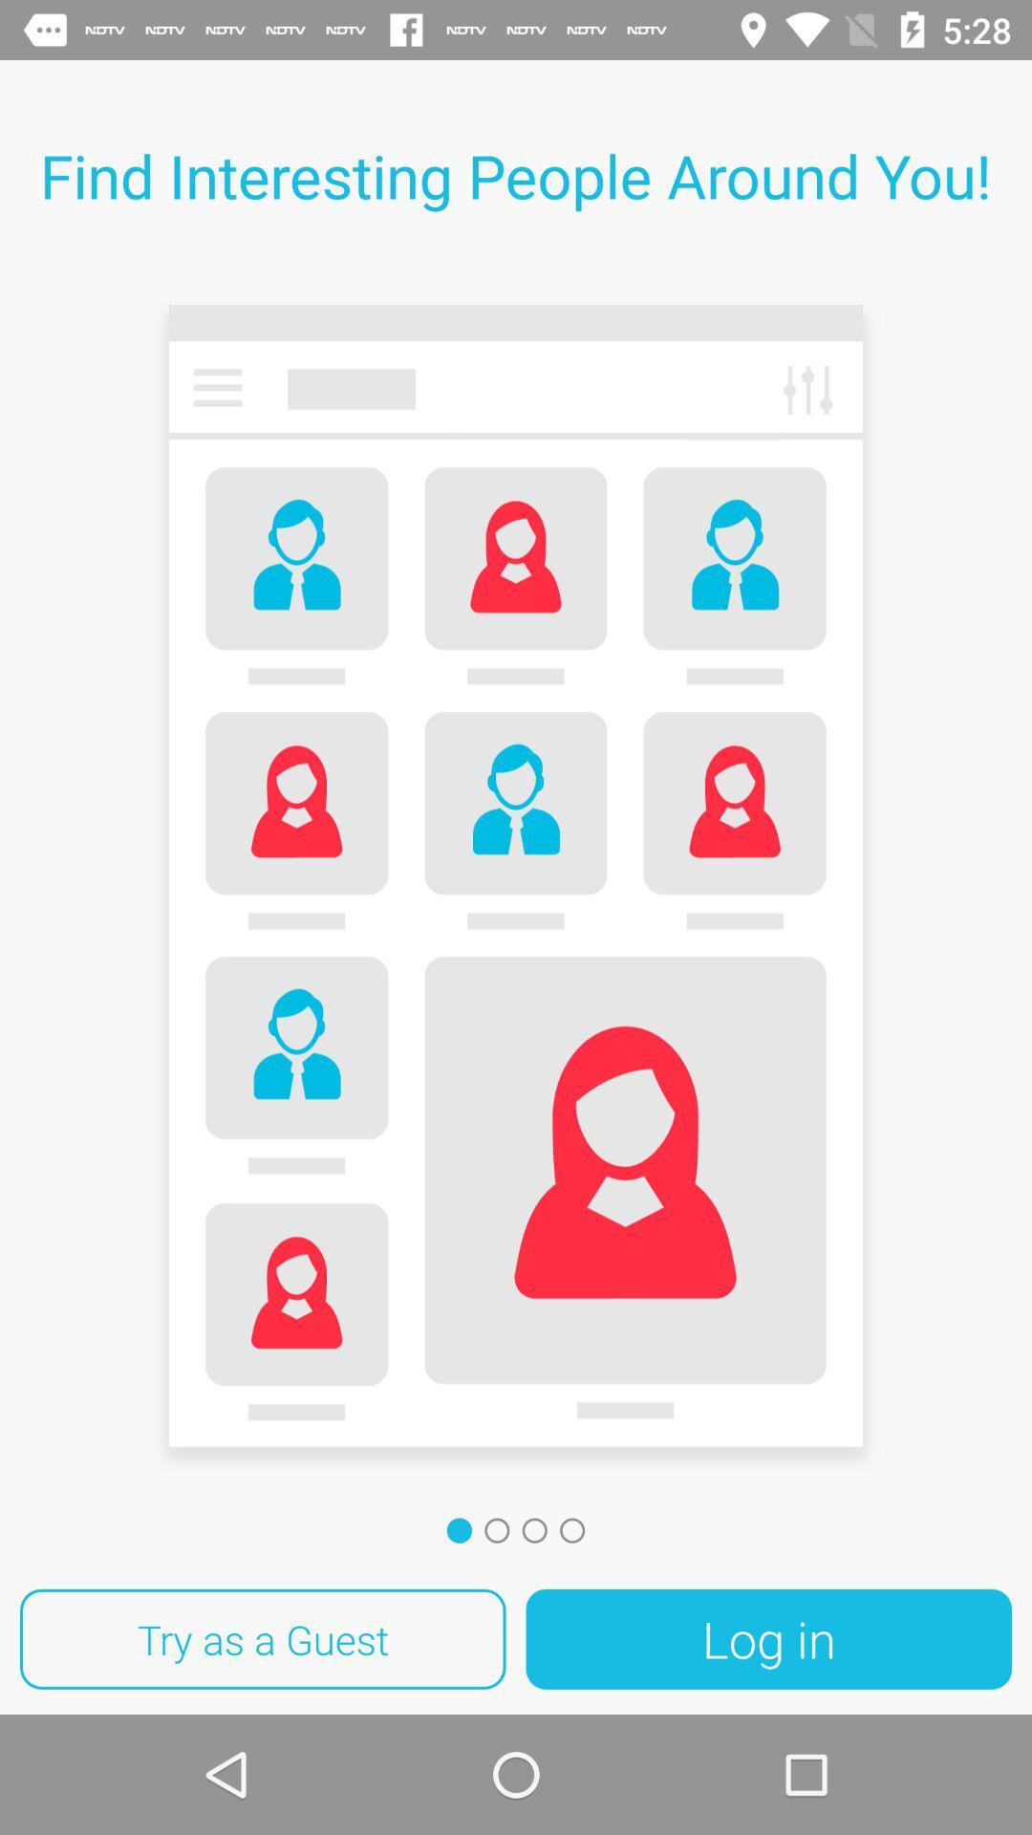  I want to click on icon below the find interesting people, so click(516, 881).